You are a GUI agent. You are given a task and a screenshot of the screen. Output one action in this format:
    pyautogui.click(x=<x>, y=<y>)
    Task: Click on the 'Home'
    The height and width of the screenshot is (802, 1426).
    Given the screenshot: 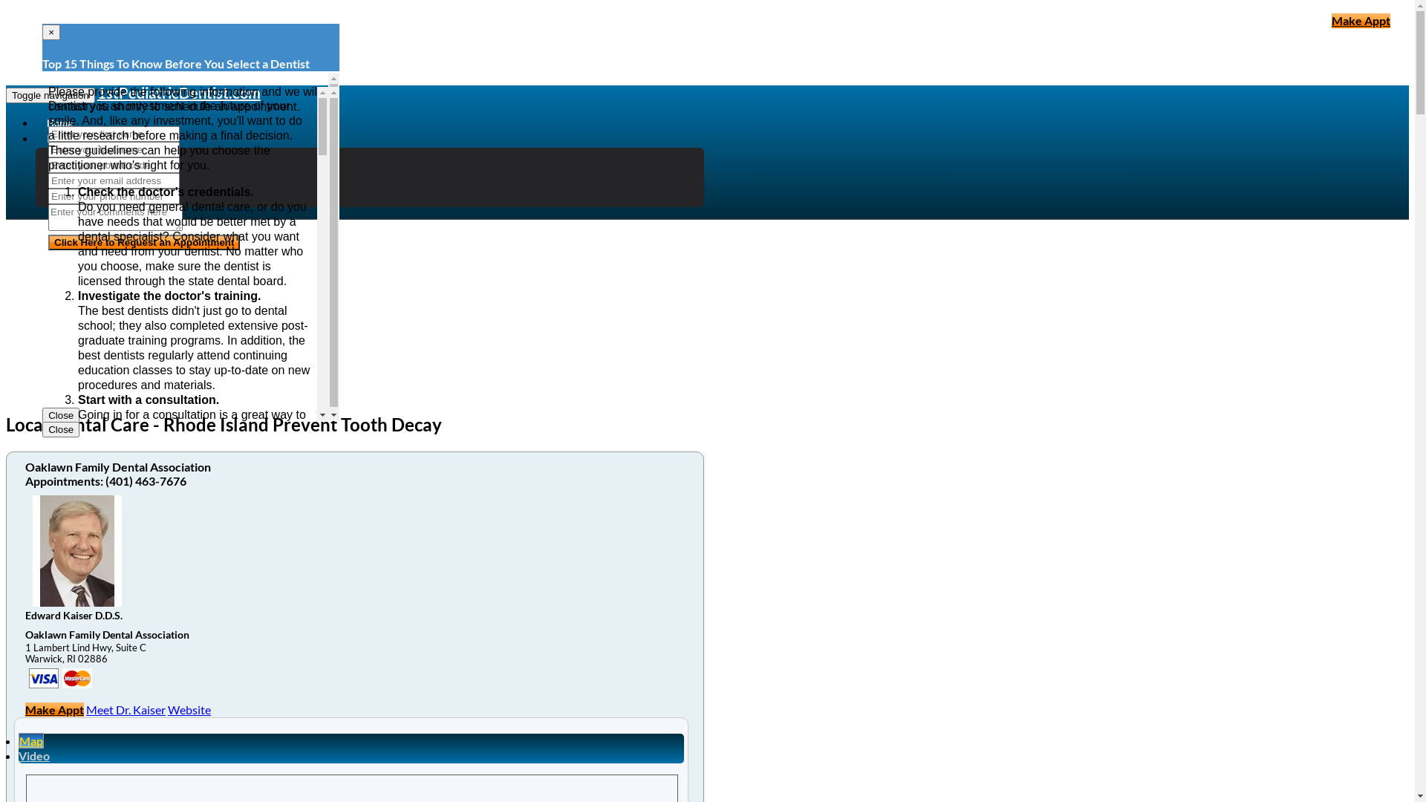 What is the action you would take?
    pyautogui.click(x=59, y=122)
    